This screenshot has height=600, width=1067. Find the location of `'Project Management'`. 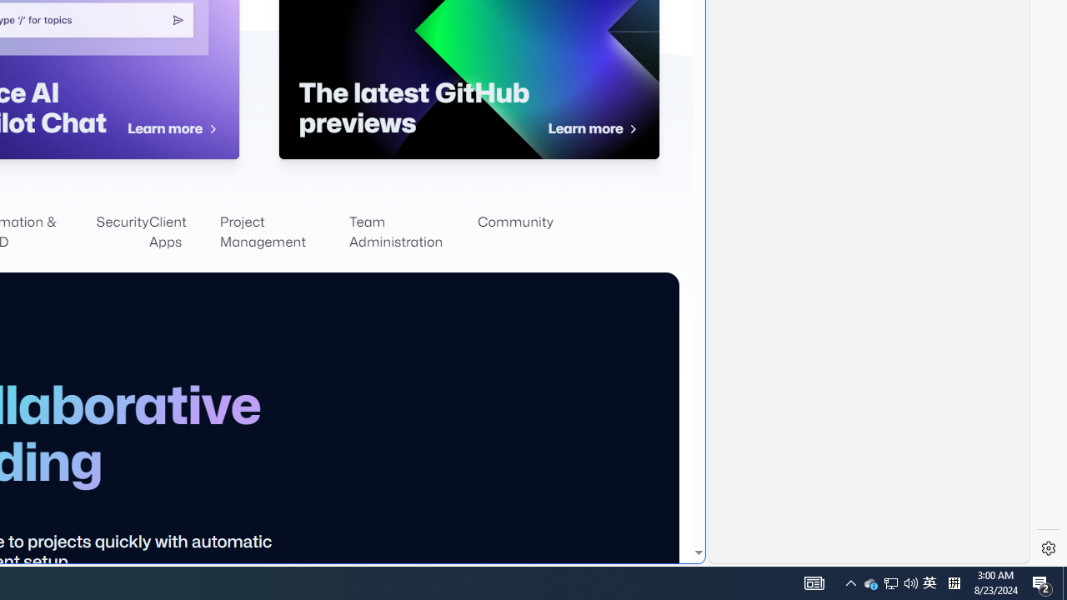

'Project Management' is located at coordinates (283, 232).